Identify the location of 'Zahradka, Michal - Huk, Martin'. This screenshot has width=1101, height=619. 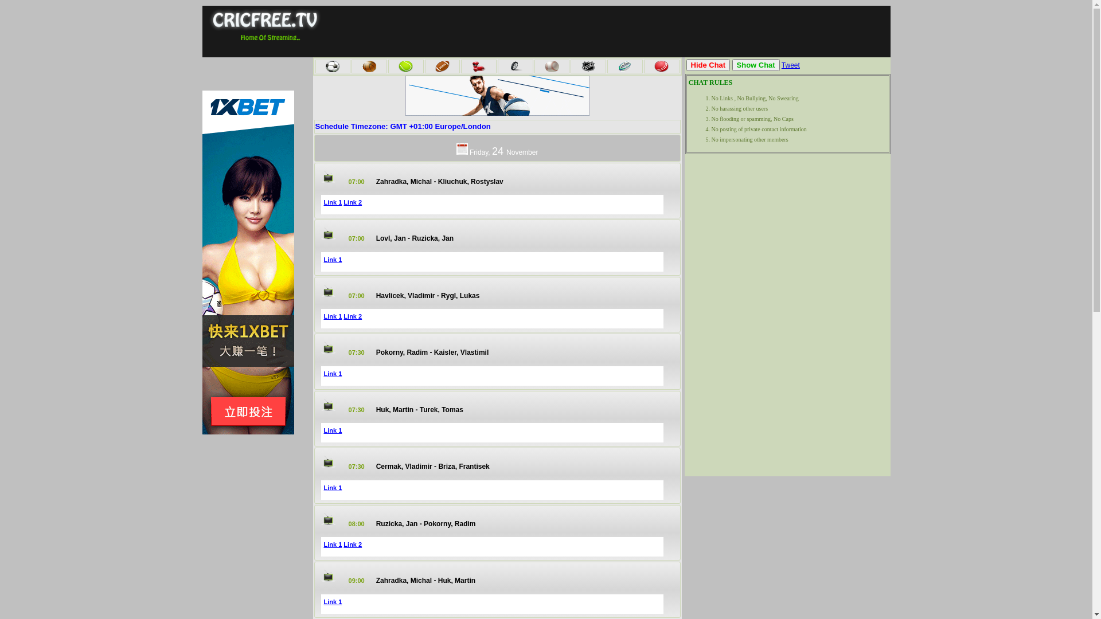
(425, 581).